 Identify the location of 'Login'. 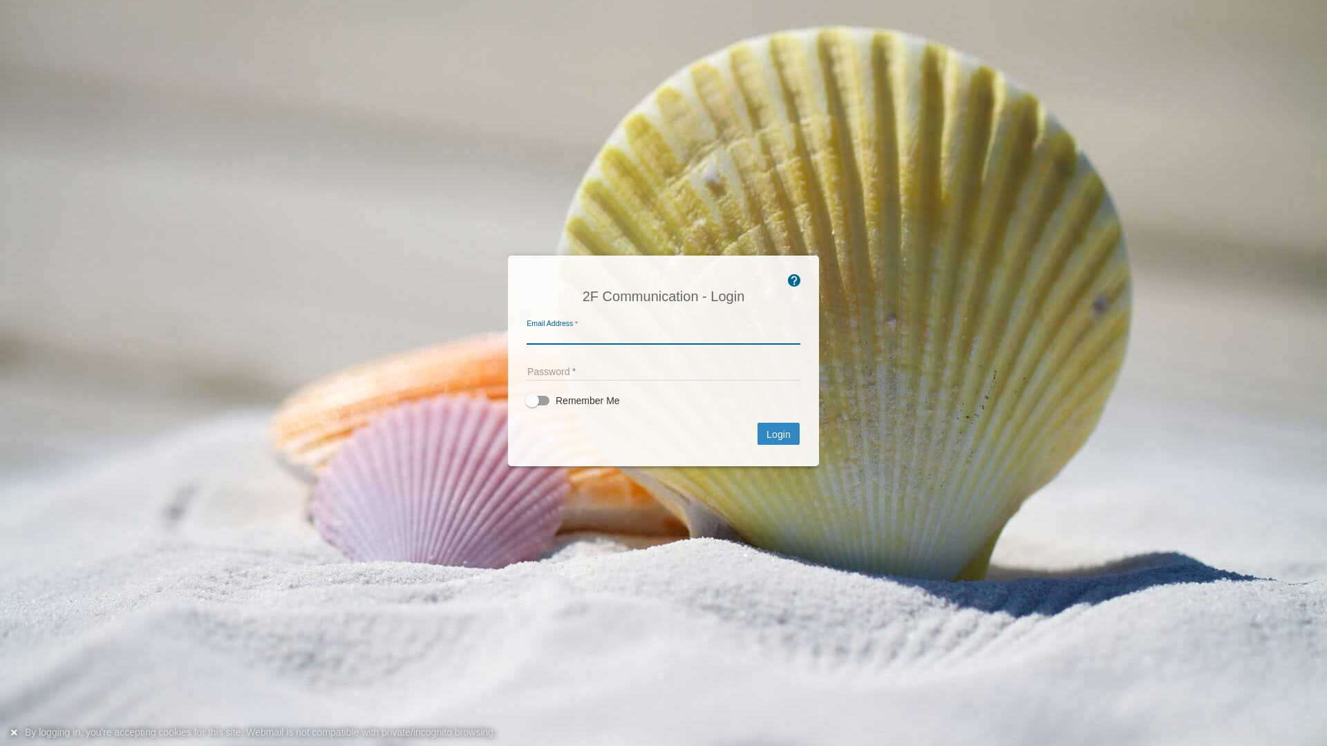
(756, 433).